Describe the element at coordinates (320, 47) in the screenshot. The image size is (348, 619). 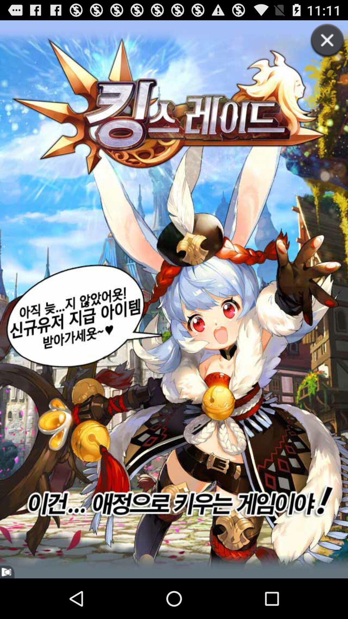
I see `the icon at the top right corner` at that location.